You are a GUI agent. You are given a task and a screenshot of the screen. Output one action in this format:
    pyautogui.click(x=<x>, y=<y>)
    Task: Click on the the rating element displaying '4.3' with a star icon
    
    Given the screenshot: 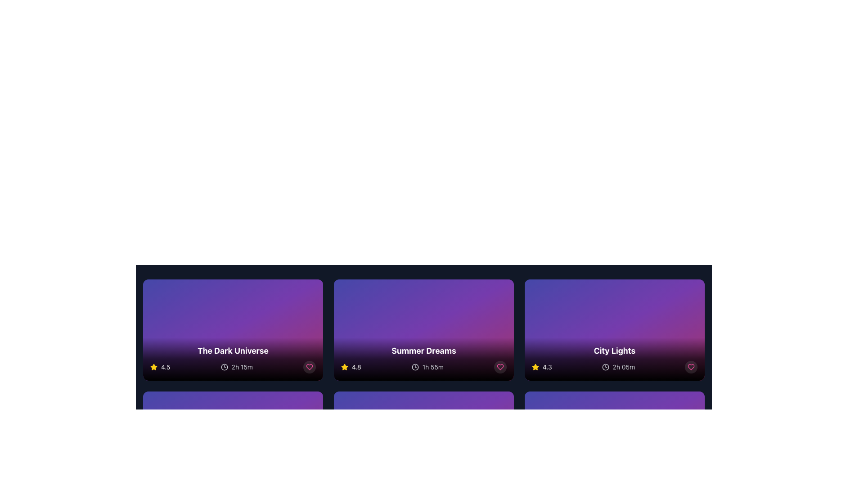 What is the action you would take?
    pyautogui.click(x=541, y=367)
    